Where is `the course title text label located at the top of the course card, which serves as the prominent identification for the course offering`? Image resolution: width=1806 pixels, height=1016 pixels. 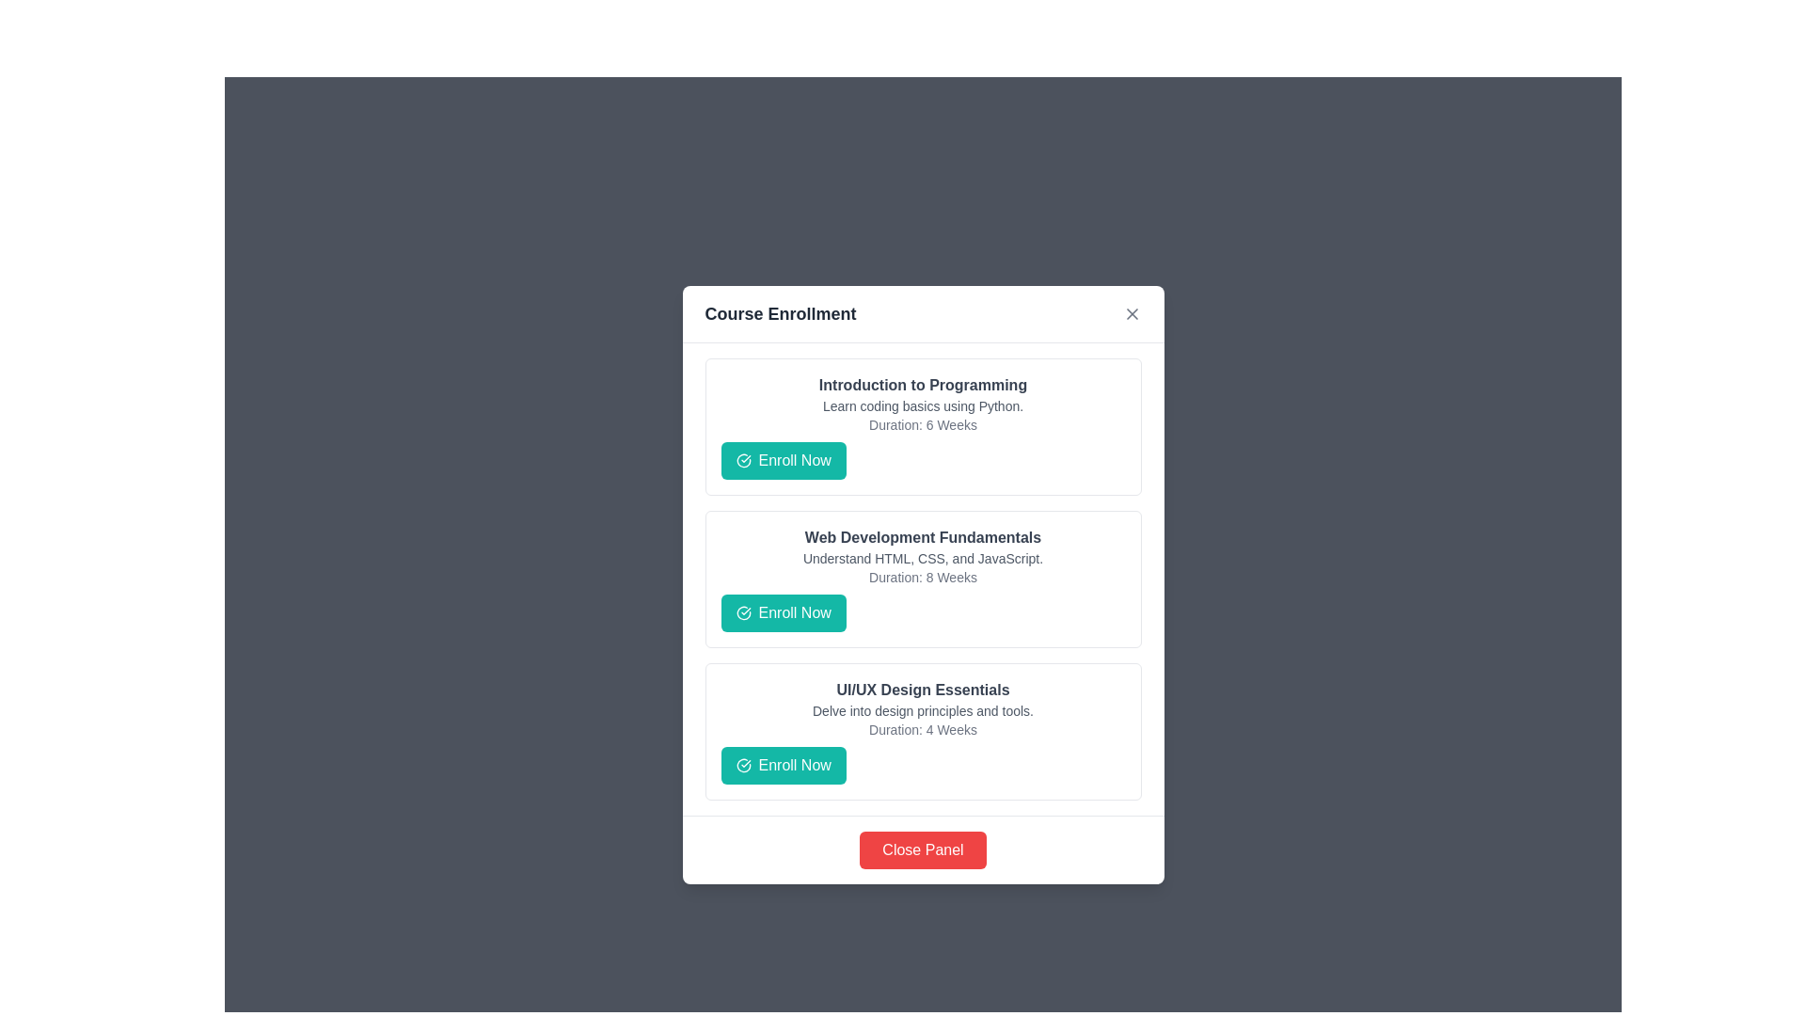
the course title text label located at the top of the course card, which serves as the prominent identification for the course offering is located at coordinates (923, 690).